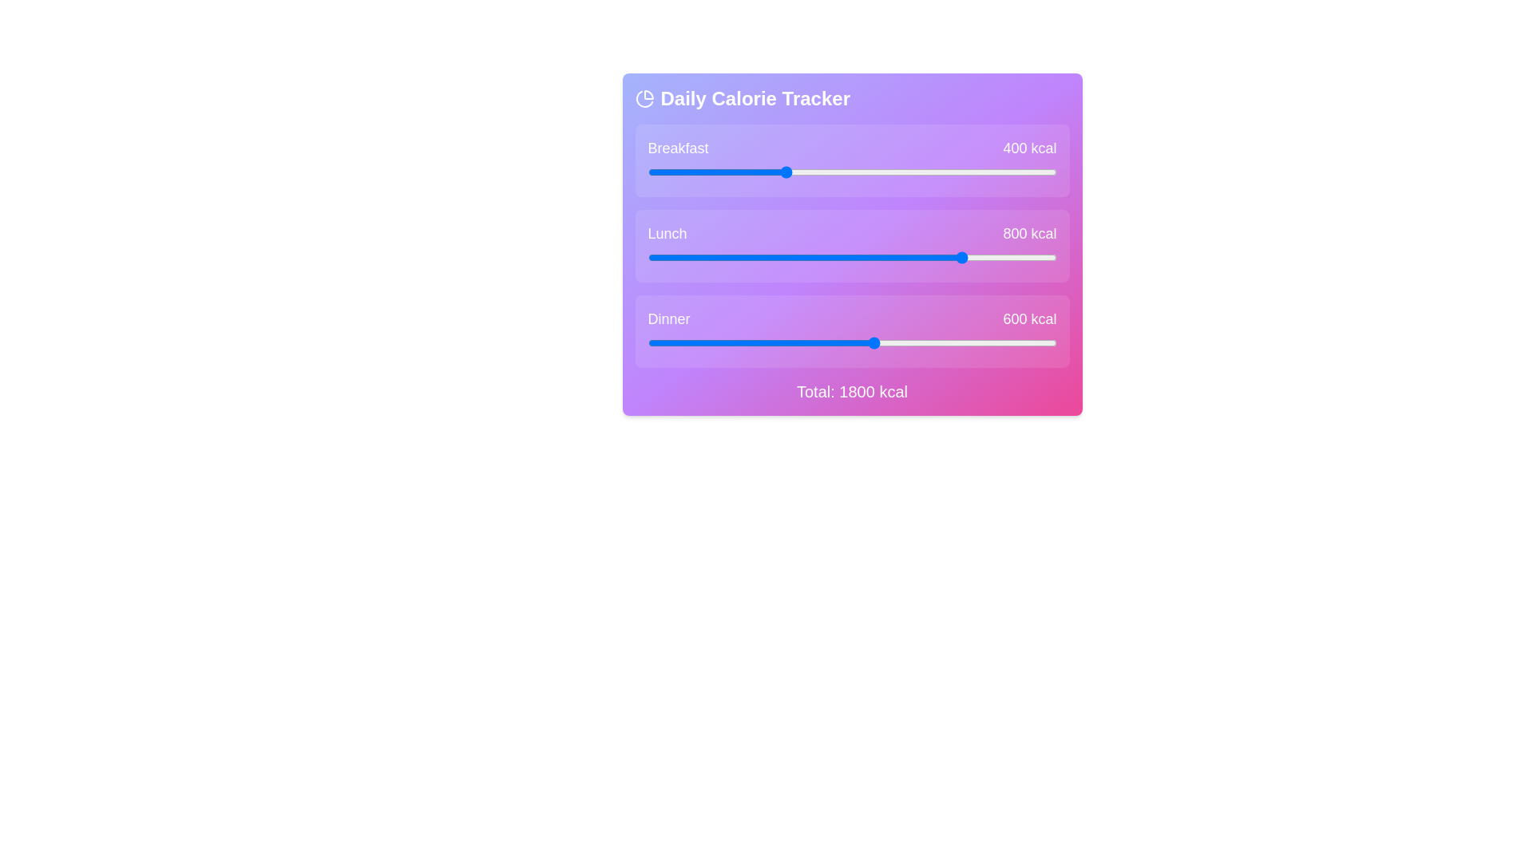  What do you see at coordinates (644, 99) in the screenshot?
I see `the secondary arc element of the pie chart icon located in the top-left corner of the 'Daily Calorie Tracker' interface` at bounding box center [644, 99].